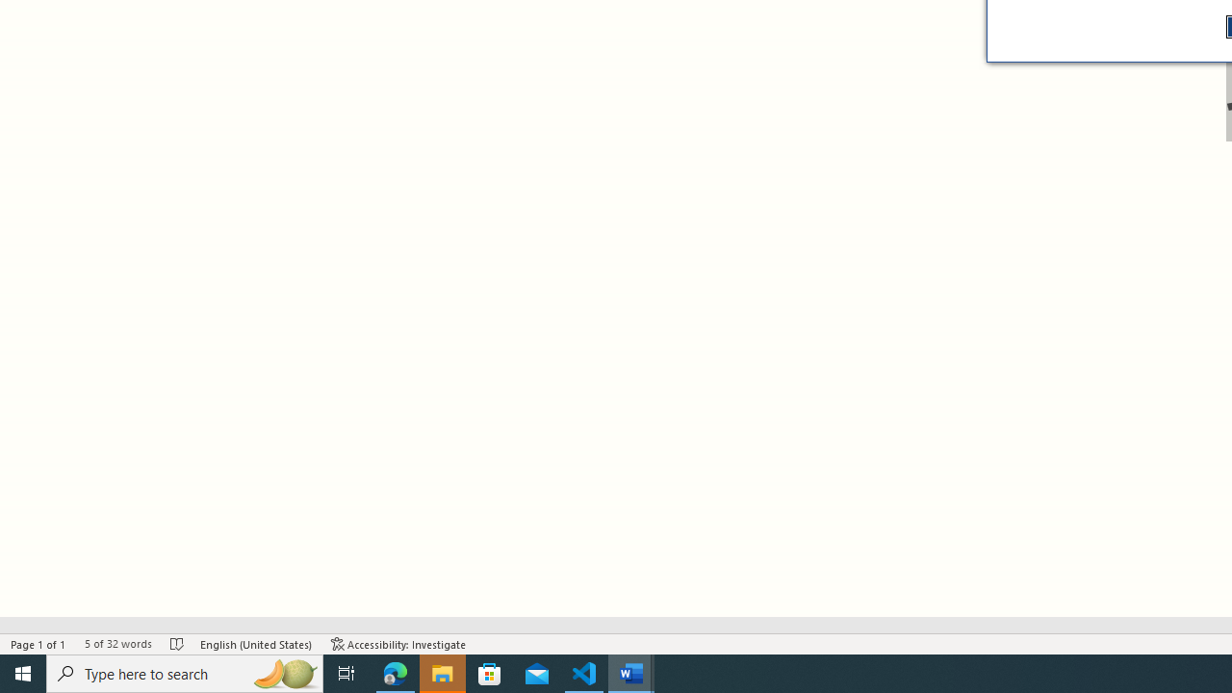 The height and width of the screenshot is (693, 1232). What do you see at coordinates (442, 672) in the screenshot?
I see `'File Explorer - 1 running window'` at bounding box center [442, 672].